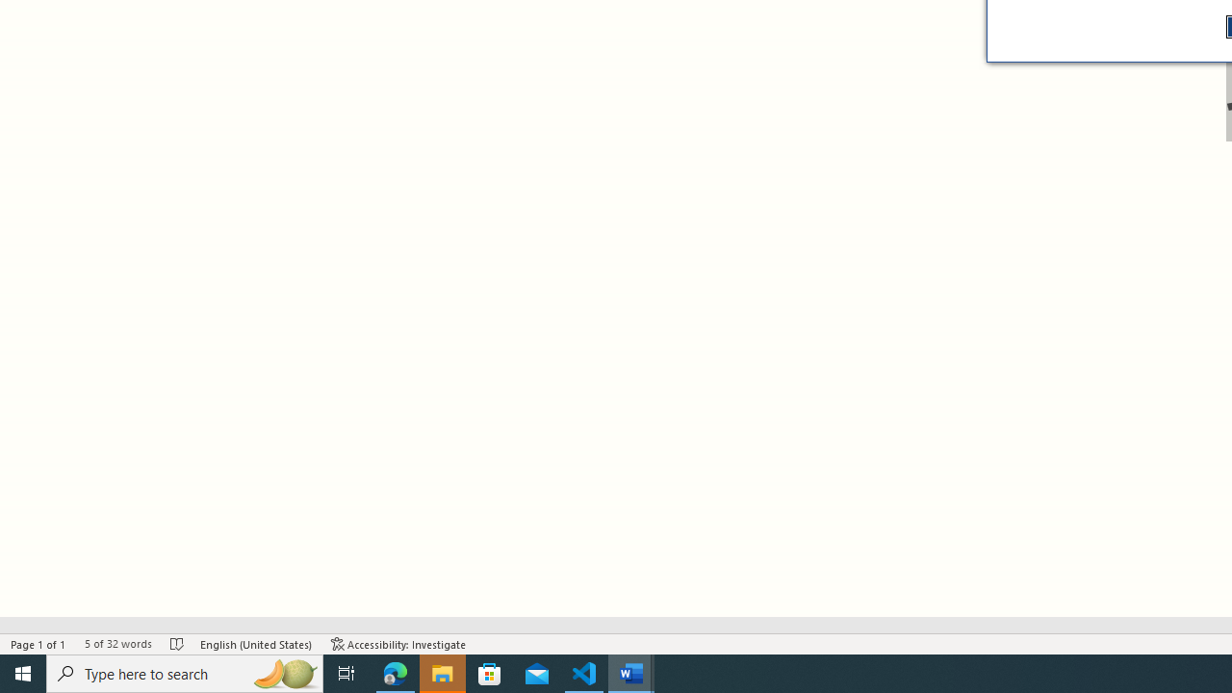 The height and width of the screenshot is (693, 1232). What do you see at coordinates (442, 672) in the screenshot?
I see `'File Explorer - 1 running window'` at bounding box center [442, 672].